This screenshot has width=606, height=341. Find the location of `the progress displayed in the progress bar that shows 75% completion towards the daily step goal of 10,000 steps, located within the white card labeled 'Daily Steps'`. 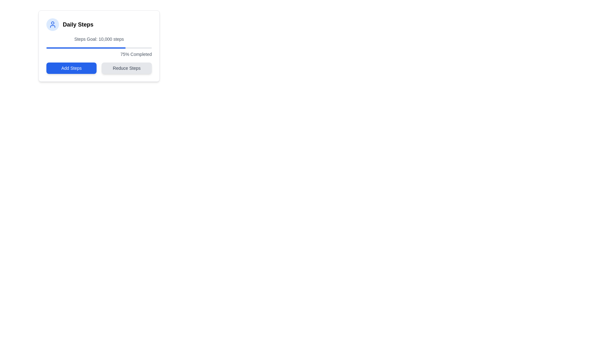

the progress displayed in the progress bar that shows 75% completion towards the daily step goal of 10,000 steps, located within the white card labeled 'Daily Steps' is located at coordinates (98, 47).